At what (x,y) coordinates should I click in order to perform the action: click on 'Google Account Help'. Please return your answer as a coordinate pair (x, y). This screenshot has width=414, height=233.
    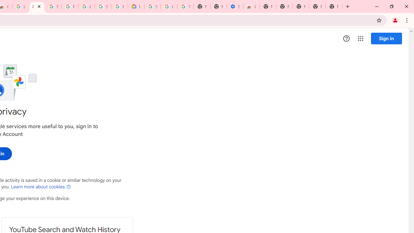
    Looking at the image, I should click on (169, 6).